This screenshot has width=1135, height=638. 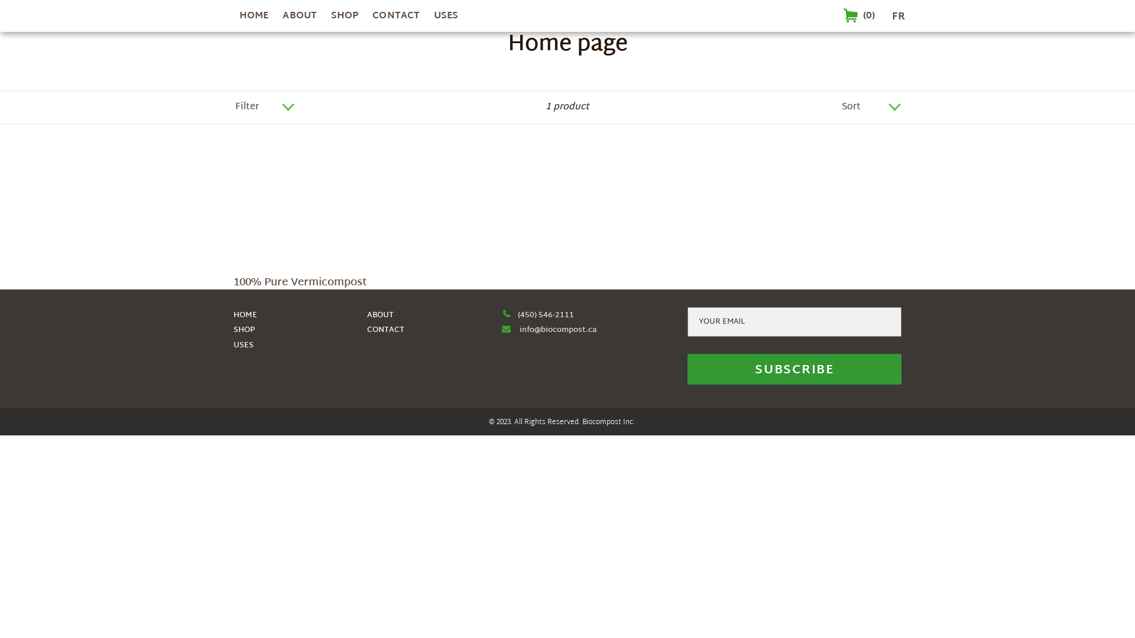 What do you see at coordinates (343, 16) in the screenshot?
I see `'SHOP'` at bounding box center [343, 16].